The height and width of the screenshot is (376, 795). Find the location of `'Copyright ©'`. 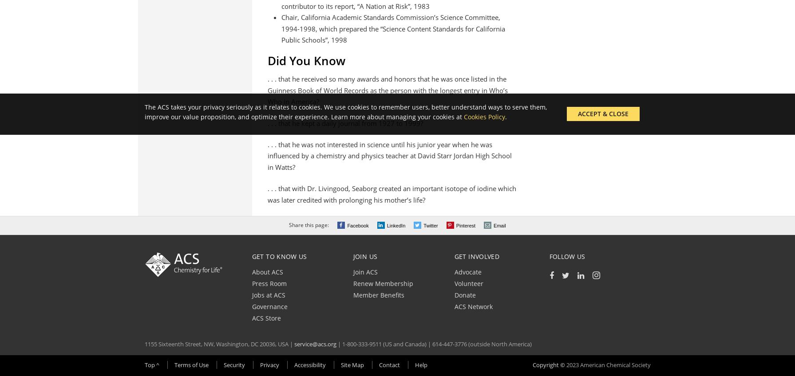

'Copyright ©' is located at coordinates (548, 364).